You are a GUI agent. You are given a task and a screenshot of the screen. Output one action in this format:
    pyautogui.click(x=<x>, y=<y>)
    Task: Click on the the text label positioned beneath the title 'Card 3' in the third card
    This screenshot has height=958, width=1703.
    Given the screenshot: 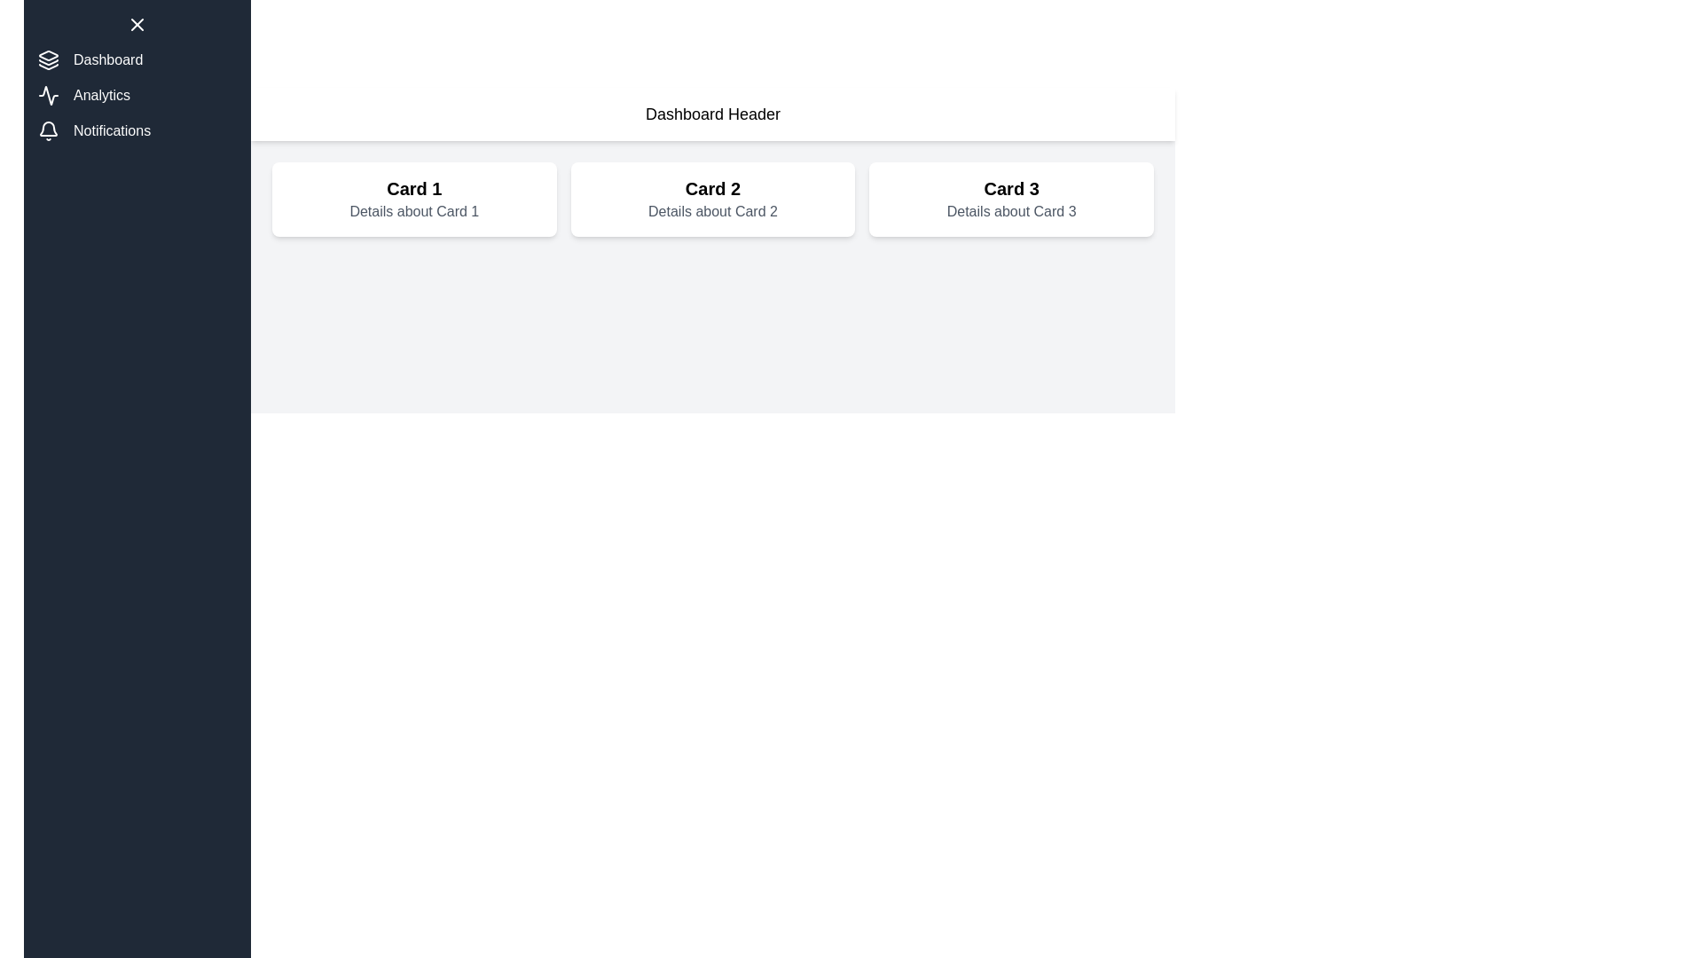 What is the action you would take?
    pyautogui.click(x=1011, y=211)
    